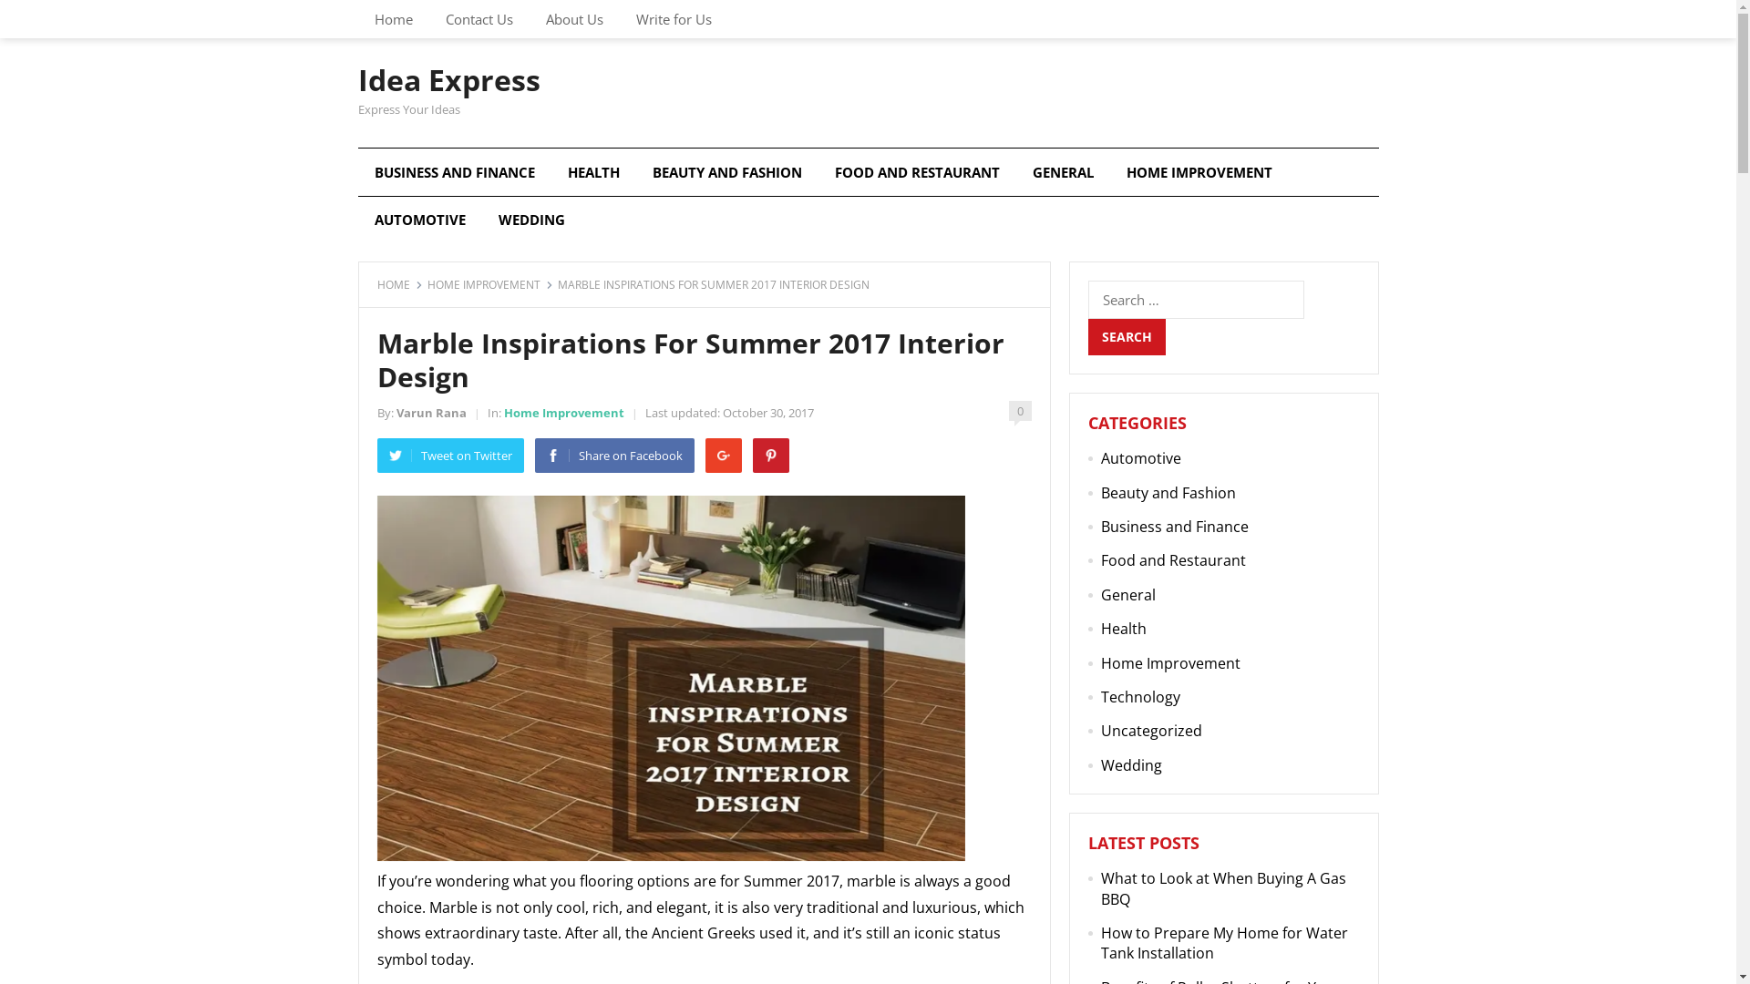  I want to click on 'About Us', so click(572, 18).